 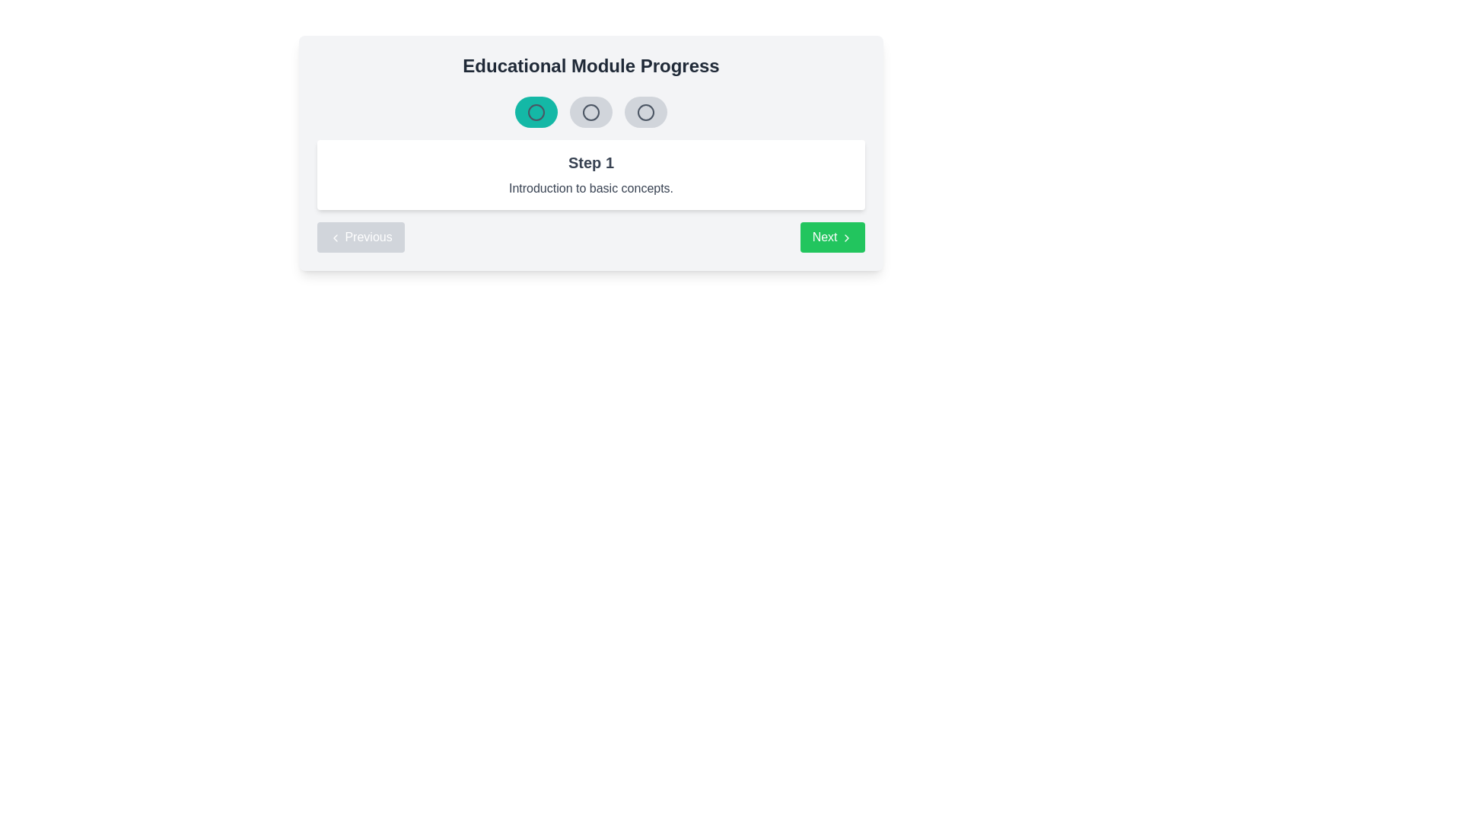 I want to click on the progress indicator icon, which is the first among three circular icons located below the title 'Educational Module Progress', so click(x=536, y=110).